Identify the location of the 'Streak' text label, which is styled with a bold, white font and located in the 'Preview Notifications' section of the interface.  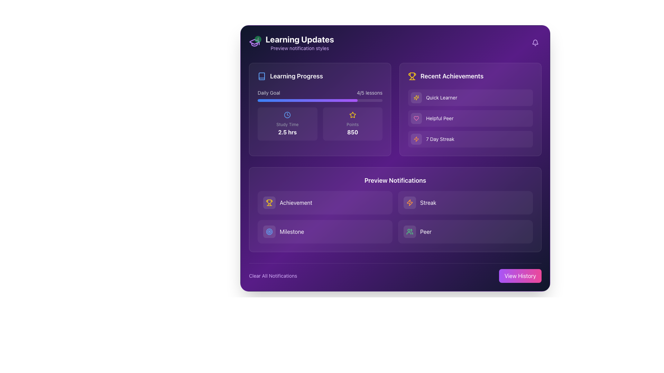
(428, 202).